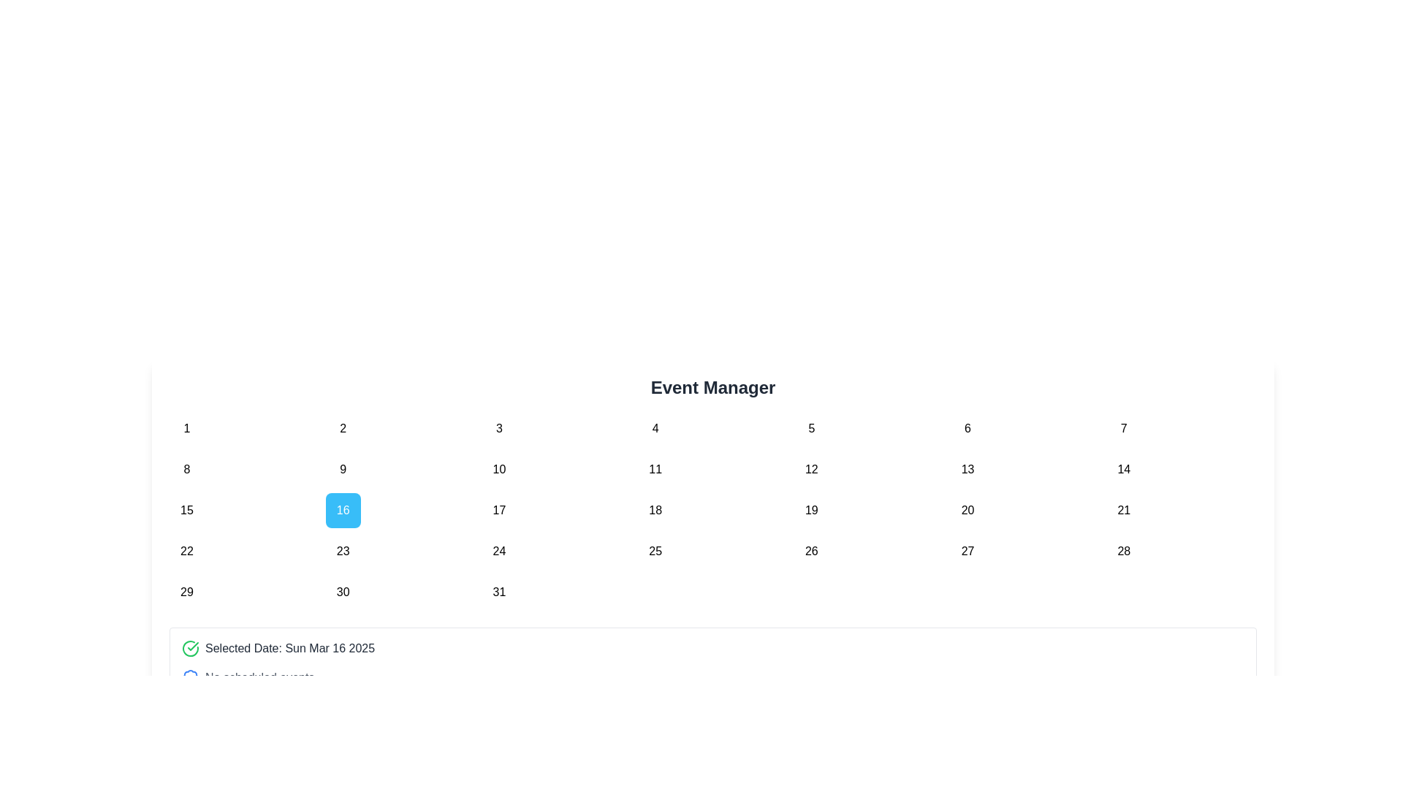 Image resolution: width=1403 pixels, height=789 pixels. I want to click on the square-shaped button displaying '30', located in the bottom row of the calendar grid, so click(342, 592).